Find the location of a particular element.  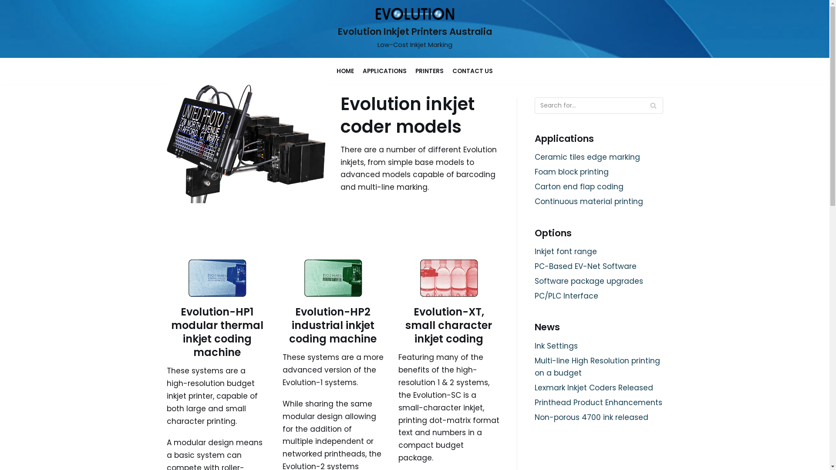

'Non-porous 4700 ink released' is located at coordinates (591, 417).